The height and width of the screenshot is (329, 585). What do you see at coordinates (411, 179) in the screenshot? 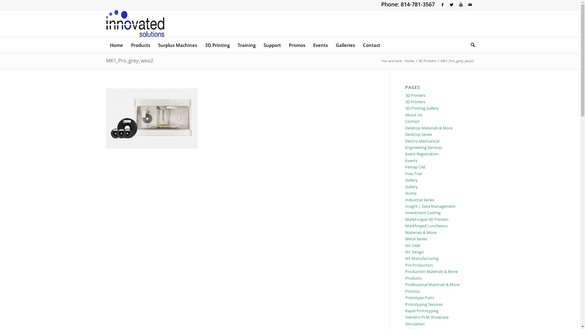
I see `'Gallery'` at bounding box center [411, 179].